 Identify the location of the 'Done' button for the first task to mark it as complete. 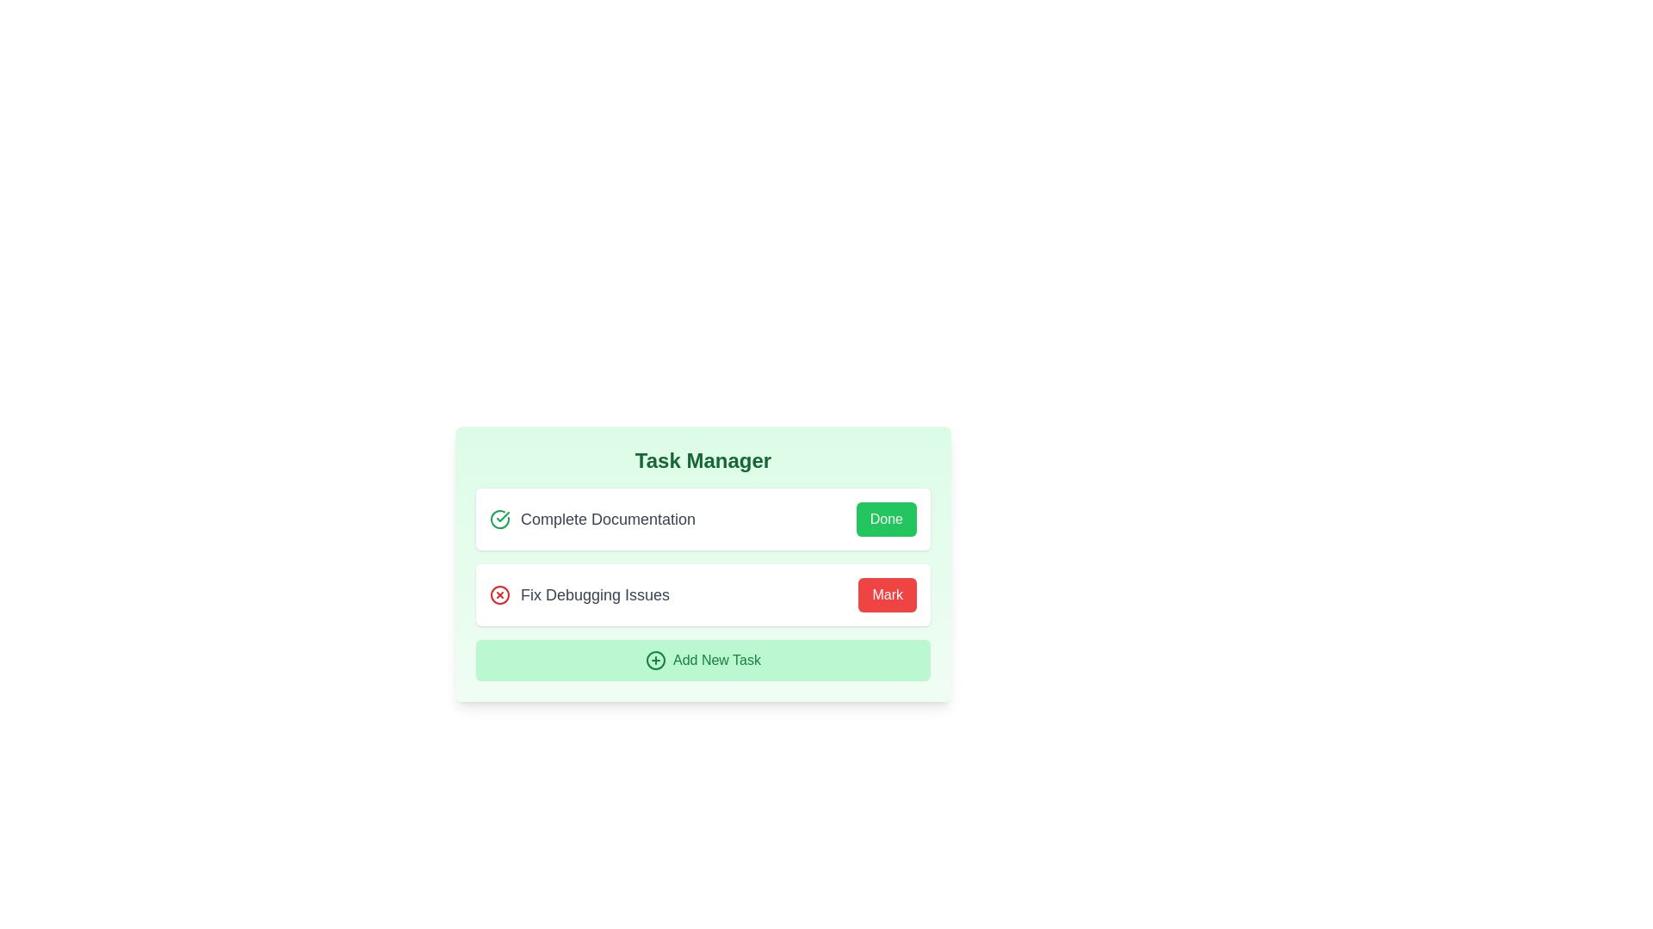
(886, 519).